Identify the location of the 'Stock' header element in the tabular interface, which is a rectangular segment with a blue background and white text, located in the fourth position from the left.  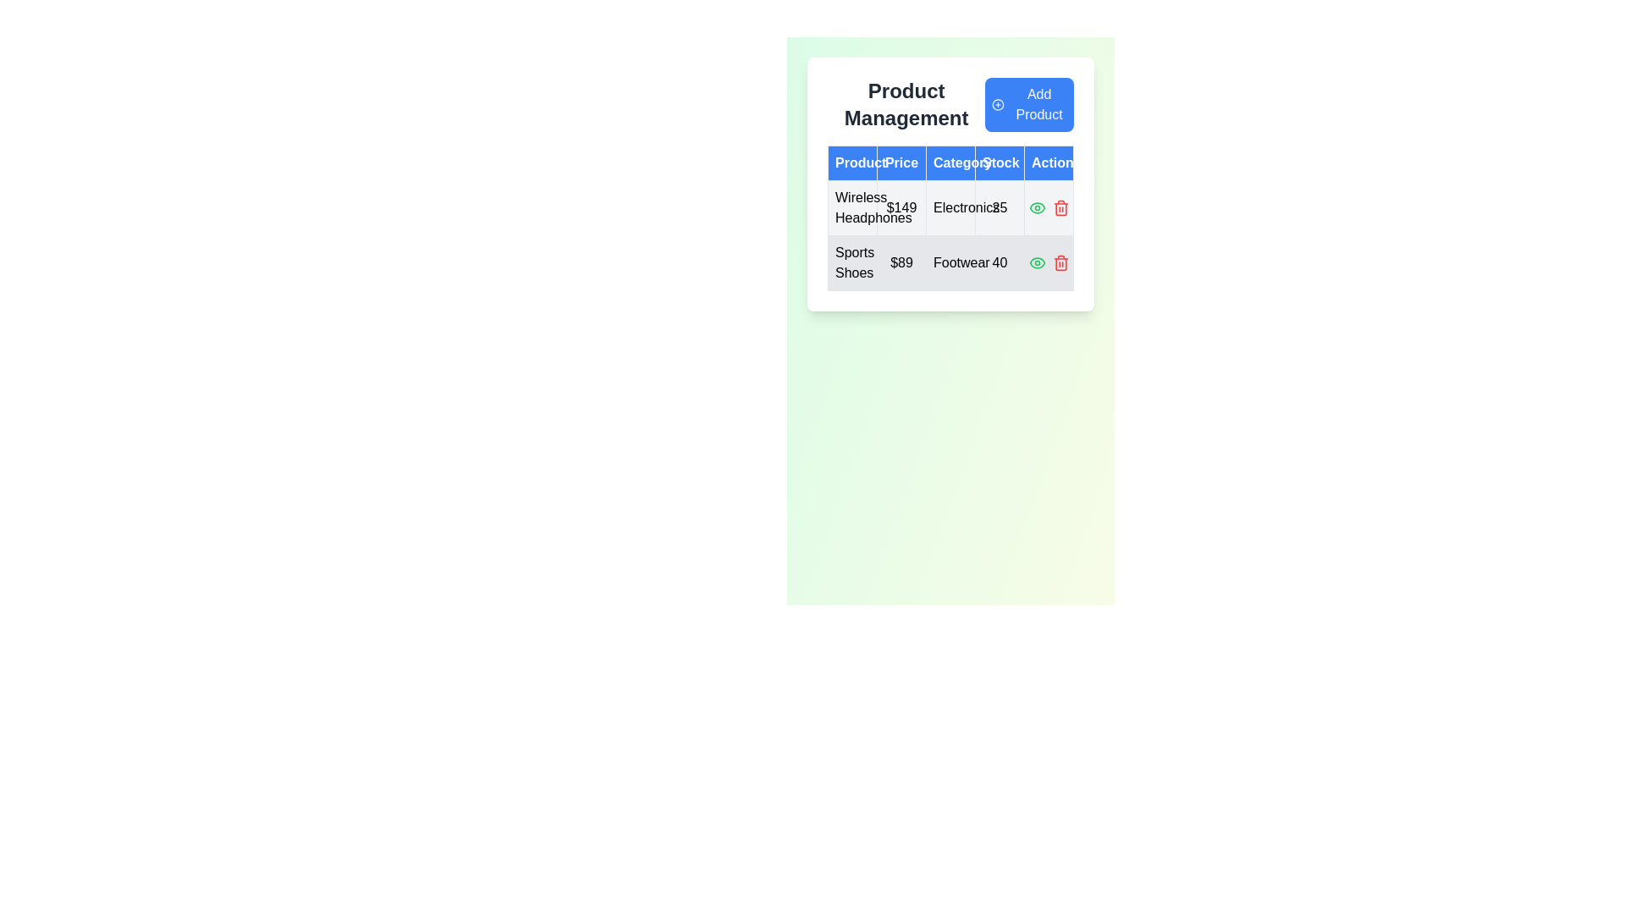
(1000, 162).